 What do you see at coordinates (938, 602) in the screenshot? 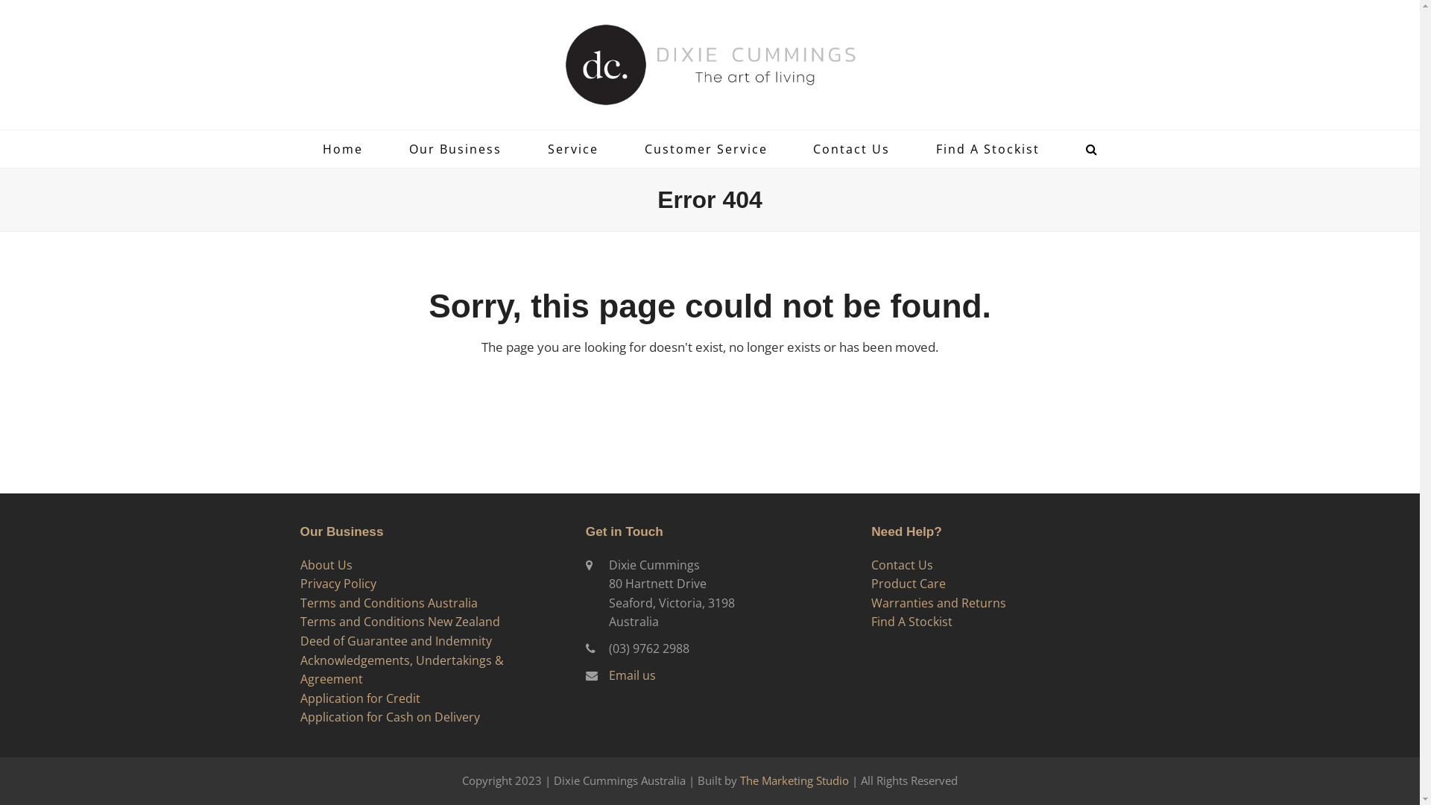
I see `'Warranties and Returns'` at bounding box center [938, 602].